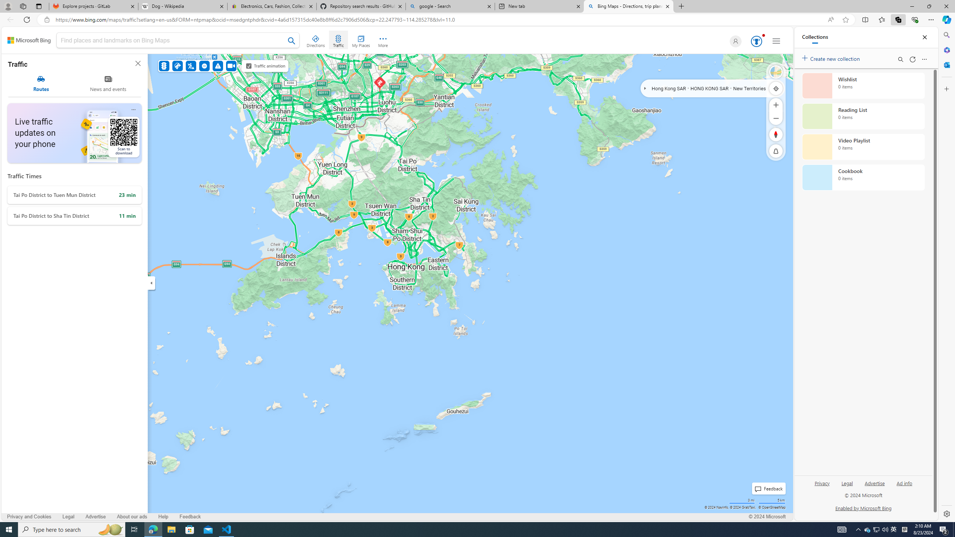  What do you see at coordinates (108, 83) in the screenshot?
I see `'News and events'` at bounding box center [108, 83].